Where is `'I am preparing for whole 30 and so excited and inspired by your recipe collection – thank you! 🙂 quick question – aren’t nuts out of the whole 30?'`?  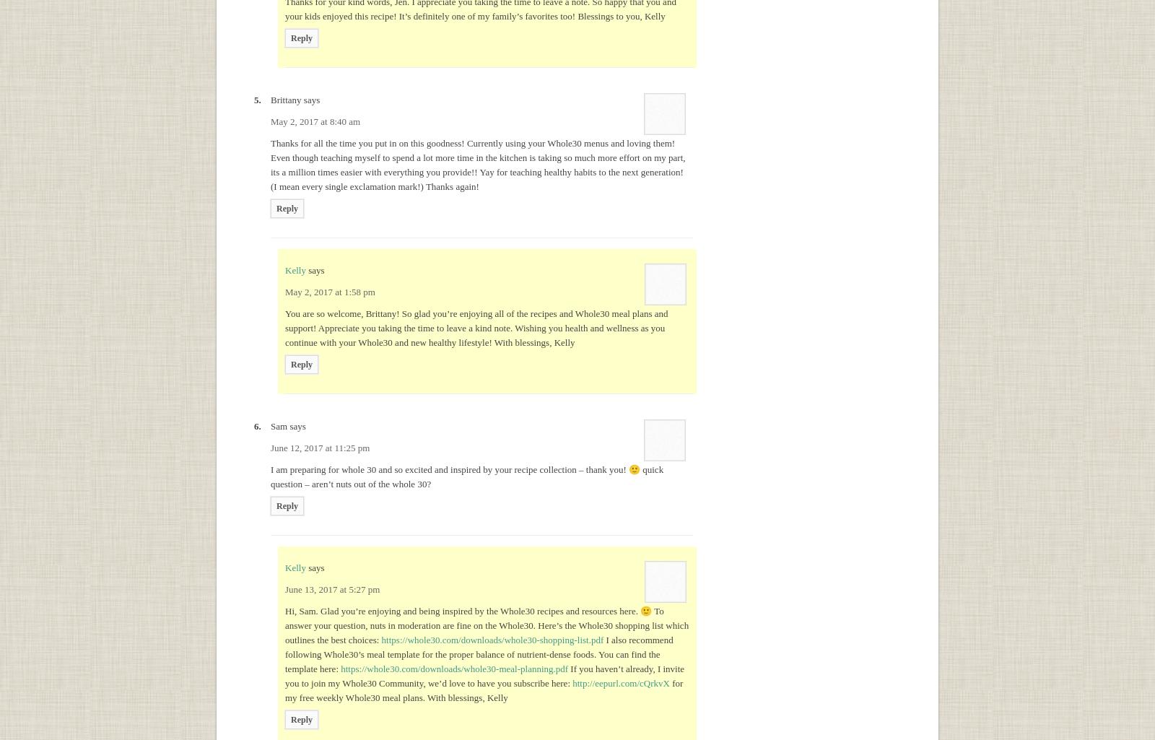
'I am preparing for whole 30 and so excited and inspired by your recipe collection – thank you! 🙂 quick question – aren’t nuts out of the whole 30?' is located at coordinates (467, 476).